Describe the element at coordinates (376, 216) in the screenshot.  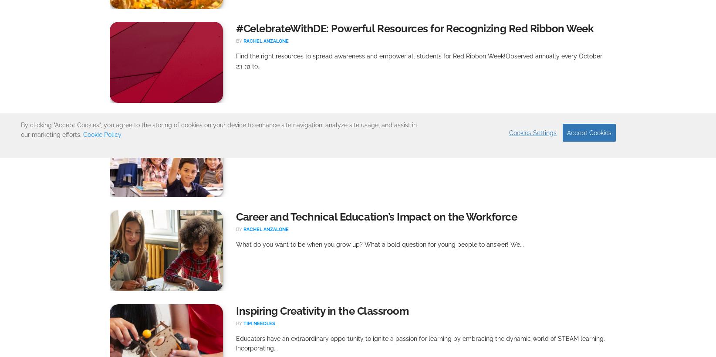
I see `'Career and Technical Education’s Impact on the Workforce'` at that location.